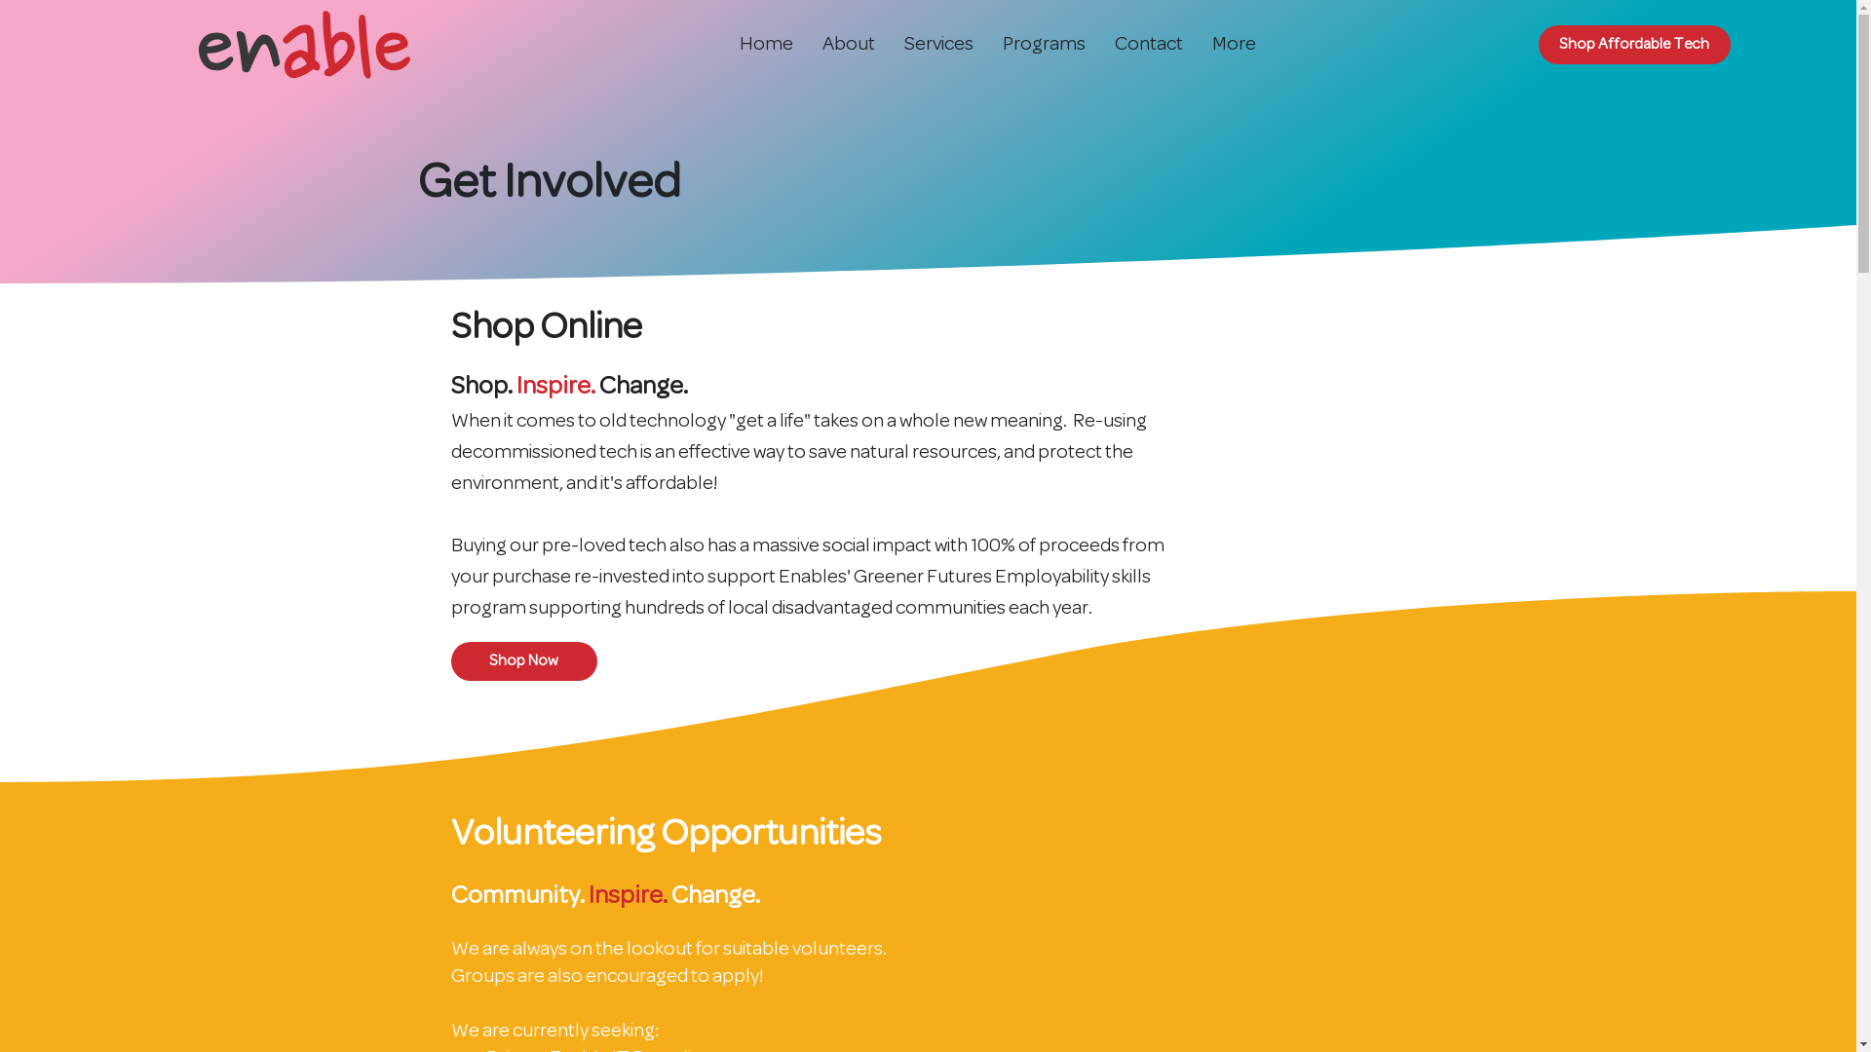  What do you see at coordinates (1634, 44) in the screenshot?
I see `'Shop Affordable Tech'` at bounding box center [1634, 44].